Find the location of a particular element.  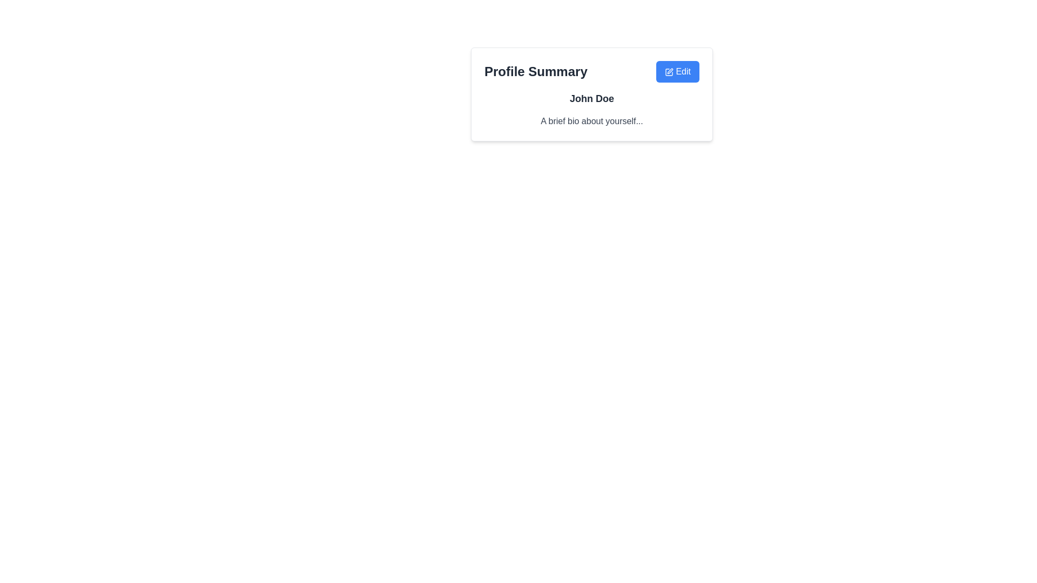

the Text Display element that shows the user's name or title, located below the 'Profile Summary' header and above the bio description is located at coordinates (591, 98).